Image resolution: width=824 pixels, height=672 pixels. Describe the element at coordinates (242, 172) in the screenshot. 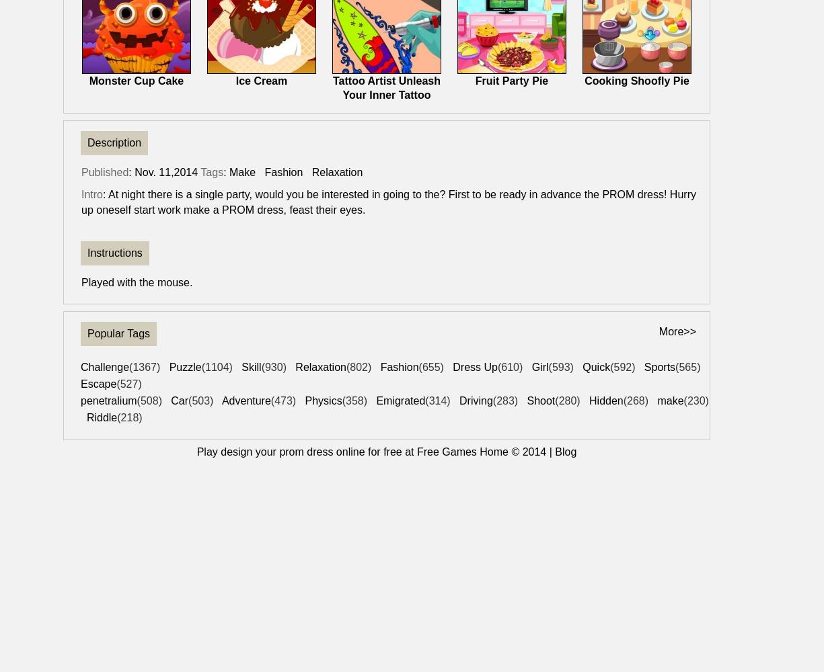

I see `'Make'` at that location.